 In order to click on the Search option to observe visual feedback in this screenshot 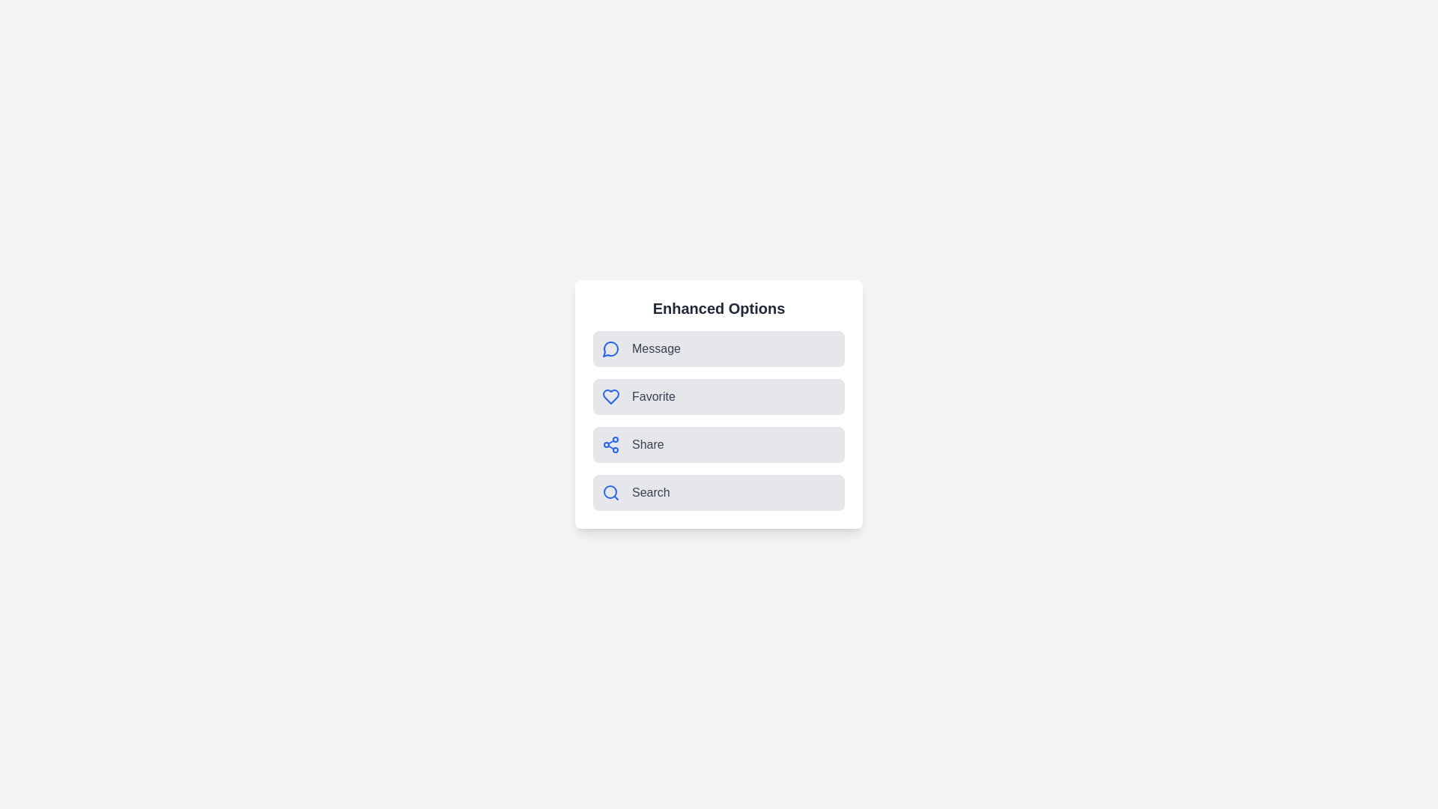, I will do `click(719, 493)`.